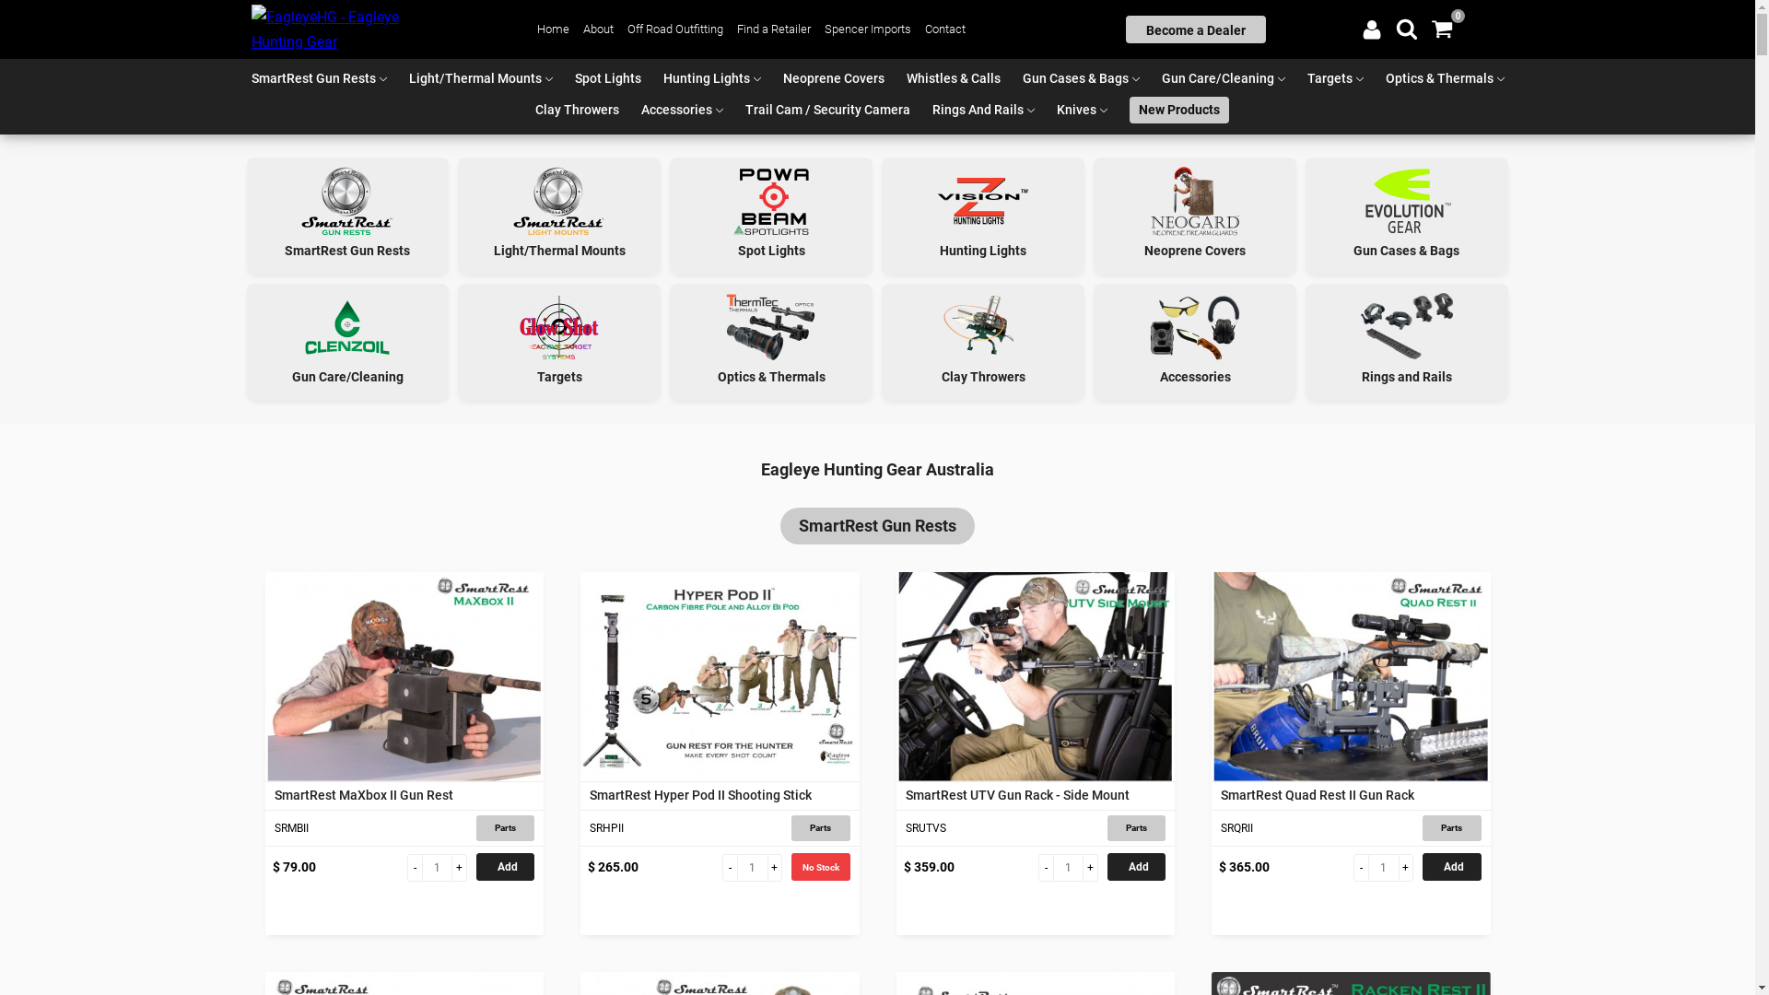 The image size is (1769, 995). Describe the element at coordinates (866, 29) in the screenshot. I see `'Spencer Imports'` at that location.